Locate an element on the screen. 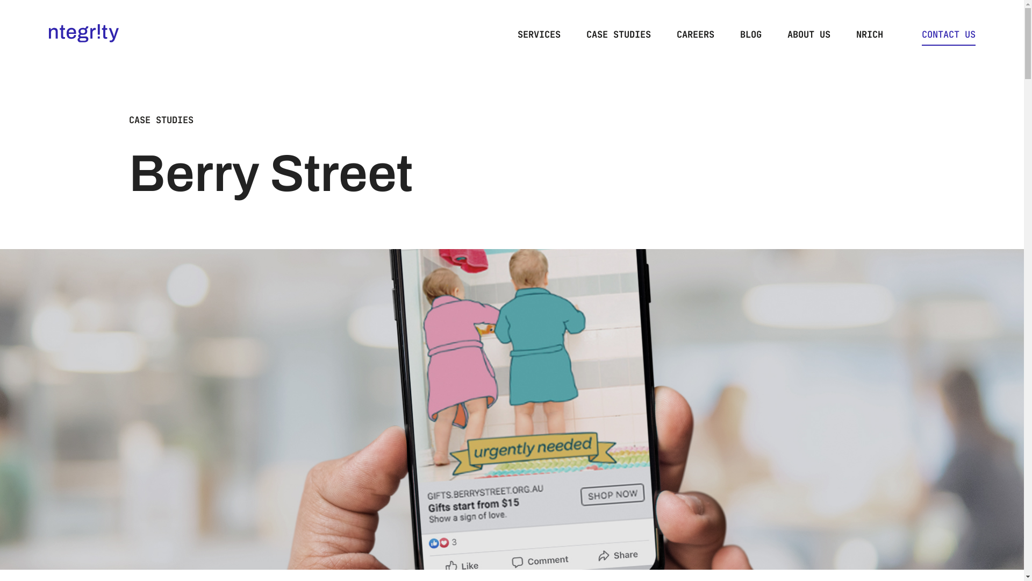 This screenshot has height=581, width=1032. 'BLOG' is located at coordinates (750, 34).